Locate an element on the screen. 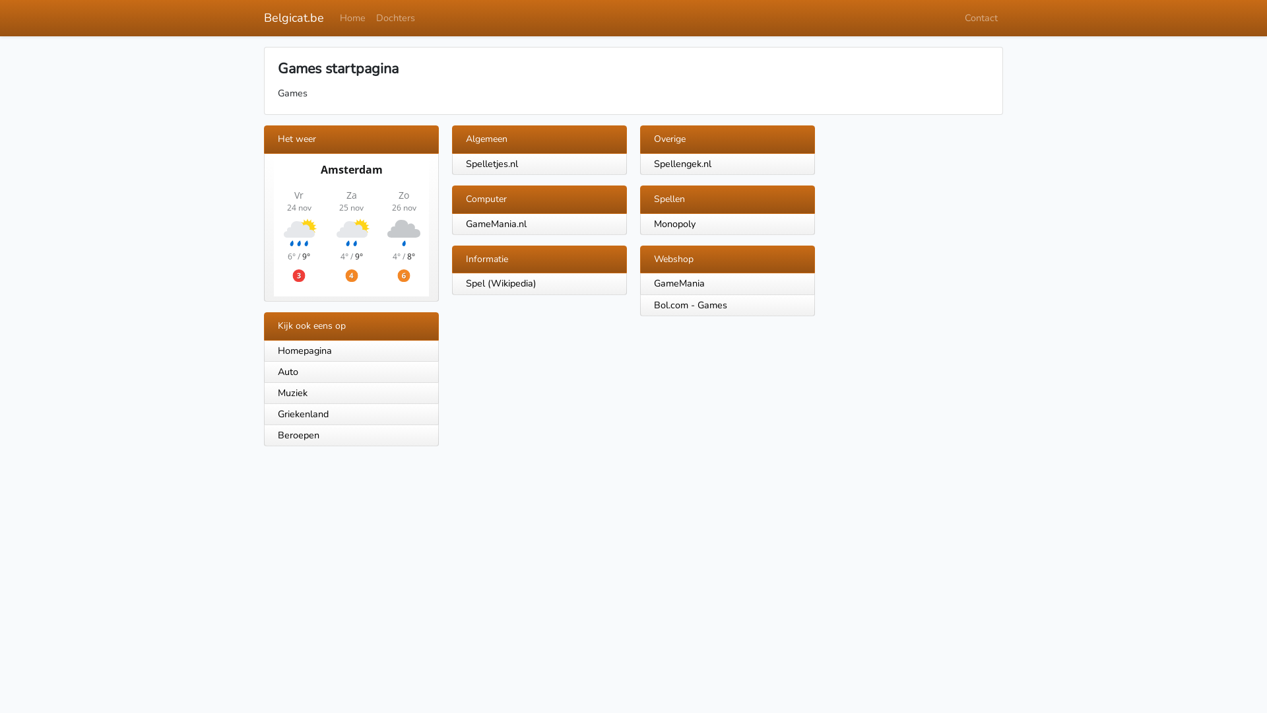  'Bol.com - Games' is located at coordinates (690, 305).